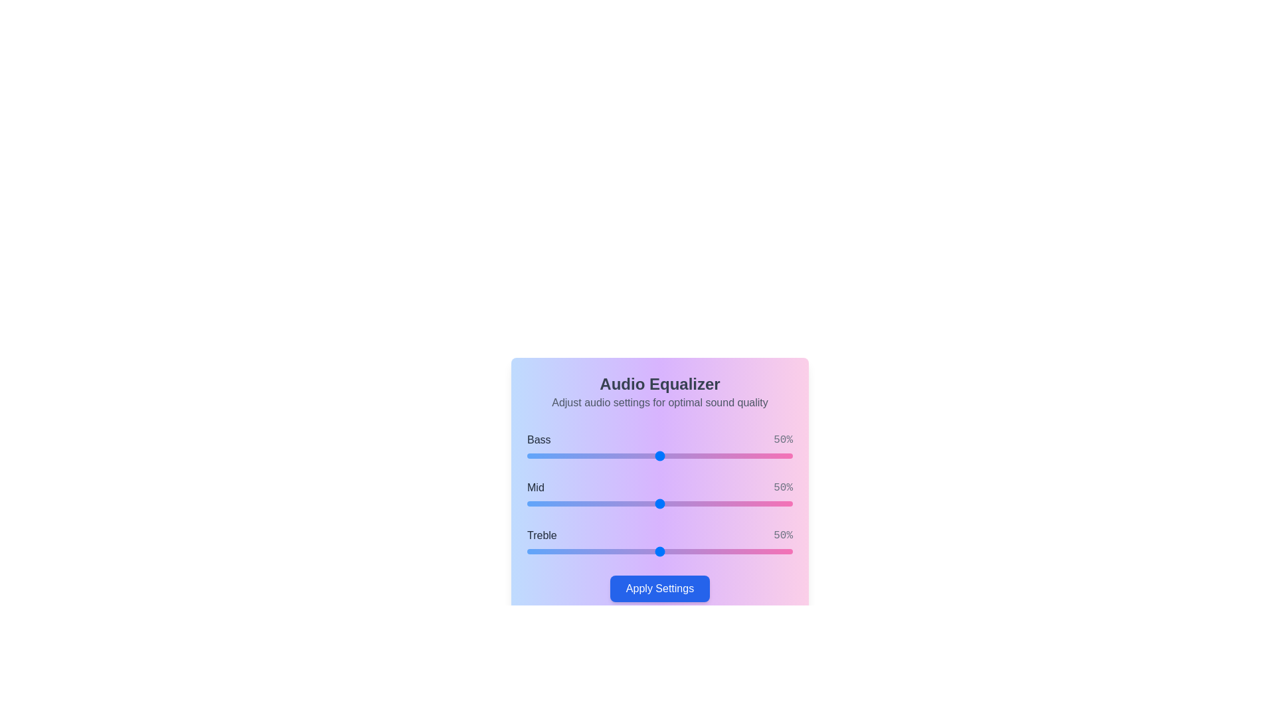 Image resolution: width=1275 pixels, height=717 pixels. What do you see at coordinates (572, 455) in the screenshot?
I see `the 0 slider to 17%` at bounding box center [572, 455].